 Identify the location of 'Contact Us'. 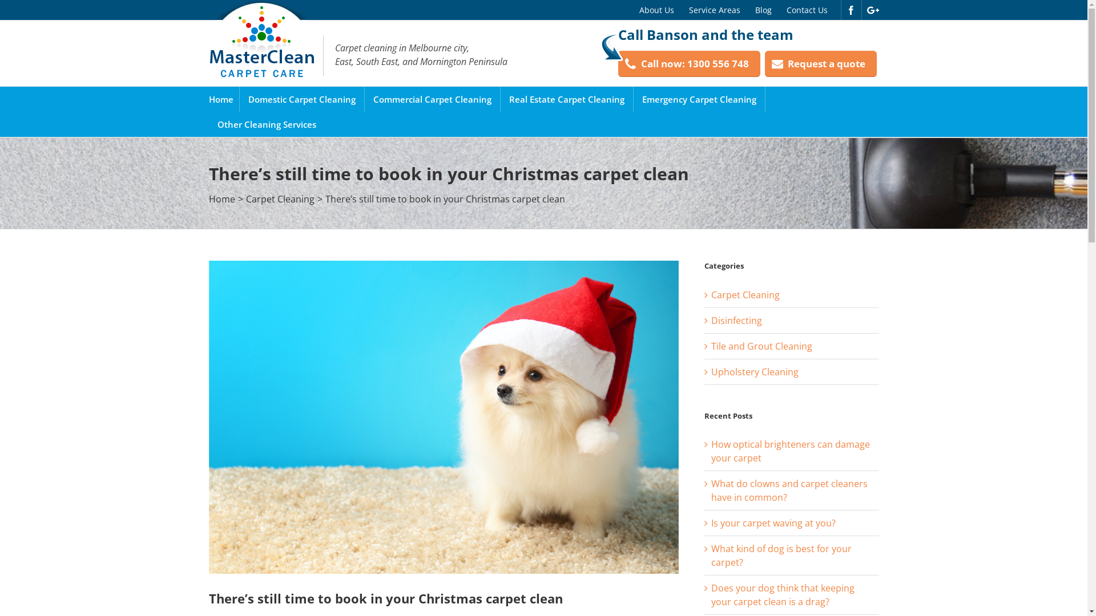
(777, 10).